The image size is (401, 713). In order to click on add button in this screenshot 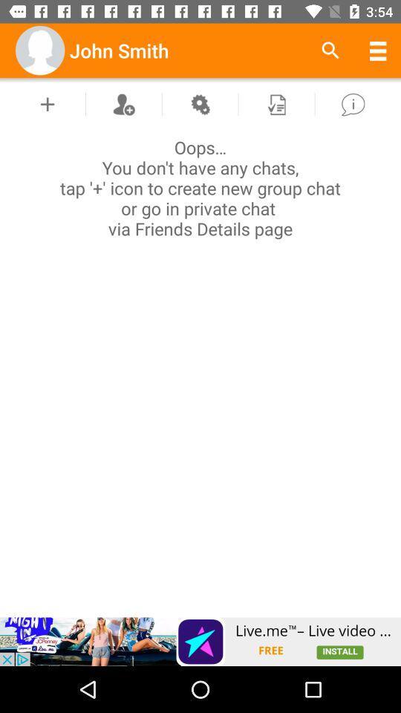, I will do `click(48, 103)`.